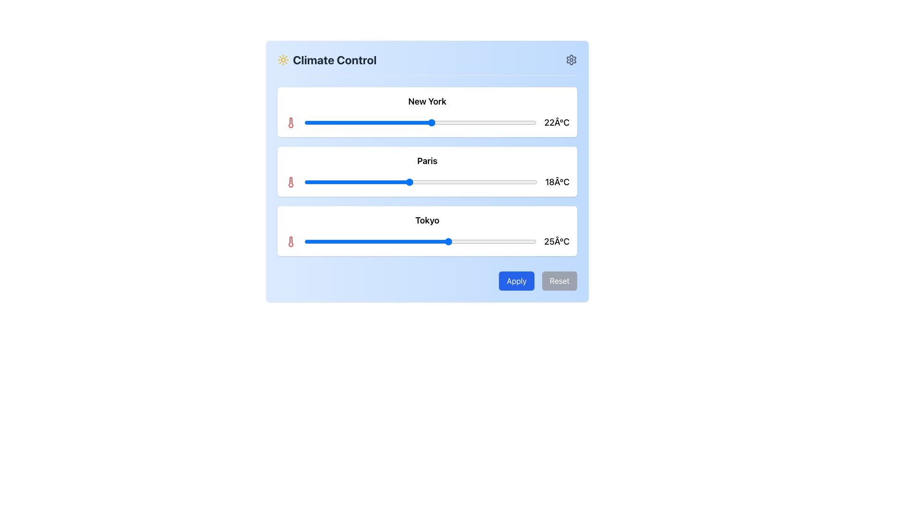 The width and height of the screenshot is (922, 518). What do you see at coordinates (426, 220) in the screenshot?
I see `the non-interactive text label for the 'Tokyo' section, which provides context for temperature controls and readings` at bounding box center [426, 220].